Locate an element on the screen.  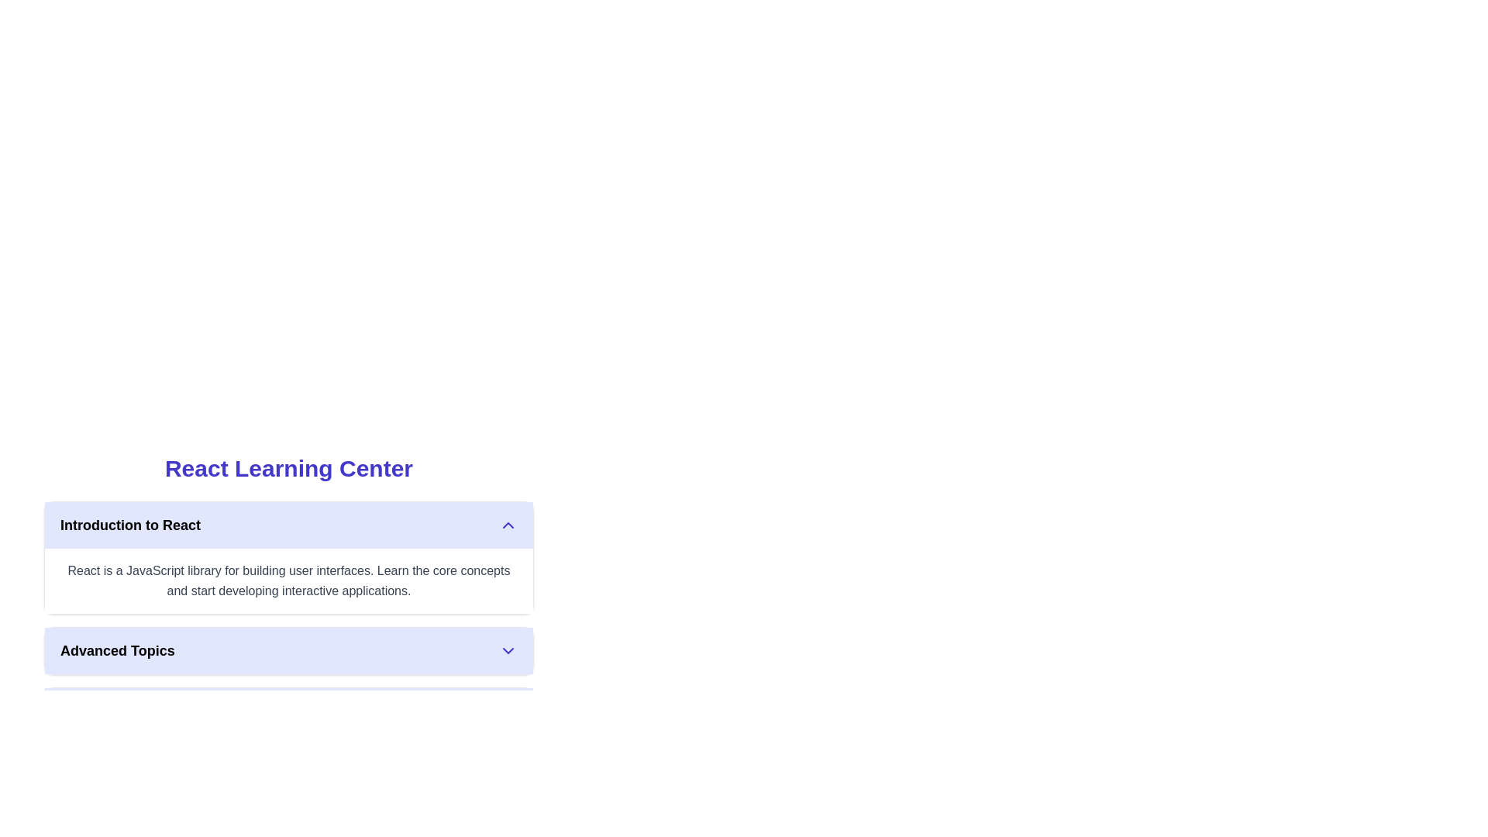
the 'Advanced Topics' text header, which is styled in bold black font and has a light indigo background is located at coordinates (116, 651).